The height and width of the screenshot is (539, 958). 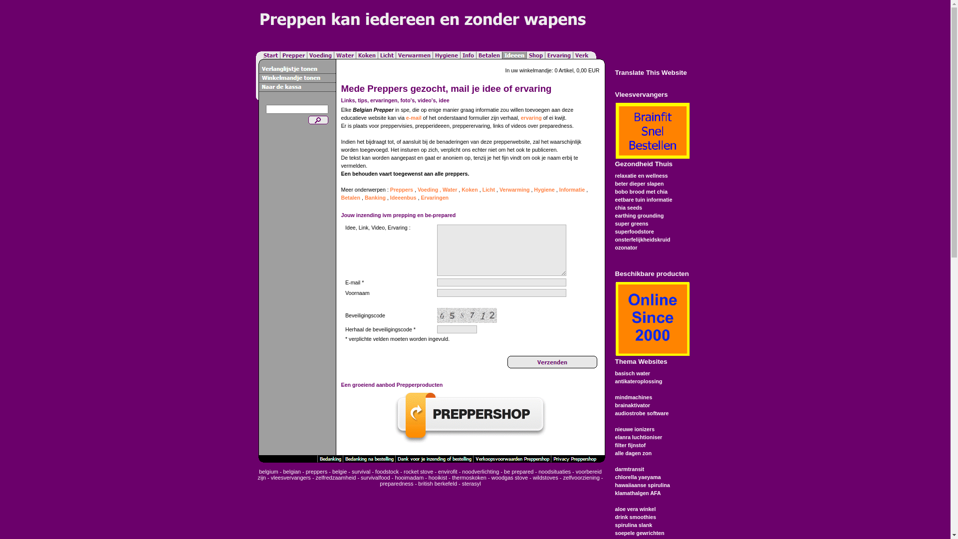 What do you see at coordinates (643, 200) in the screenshot?
I see `'eetbare tuin informatie'` at bounding box center [643, 200].